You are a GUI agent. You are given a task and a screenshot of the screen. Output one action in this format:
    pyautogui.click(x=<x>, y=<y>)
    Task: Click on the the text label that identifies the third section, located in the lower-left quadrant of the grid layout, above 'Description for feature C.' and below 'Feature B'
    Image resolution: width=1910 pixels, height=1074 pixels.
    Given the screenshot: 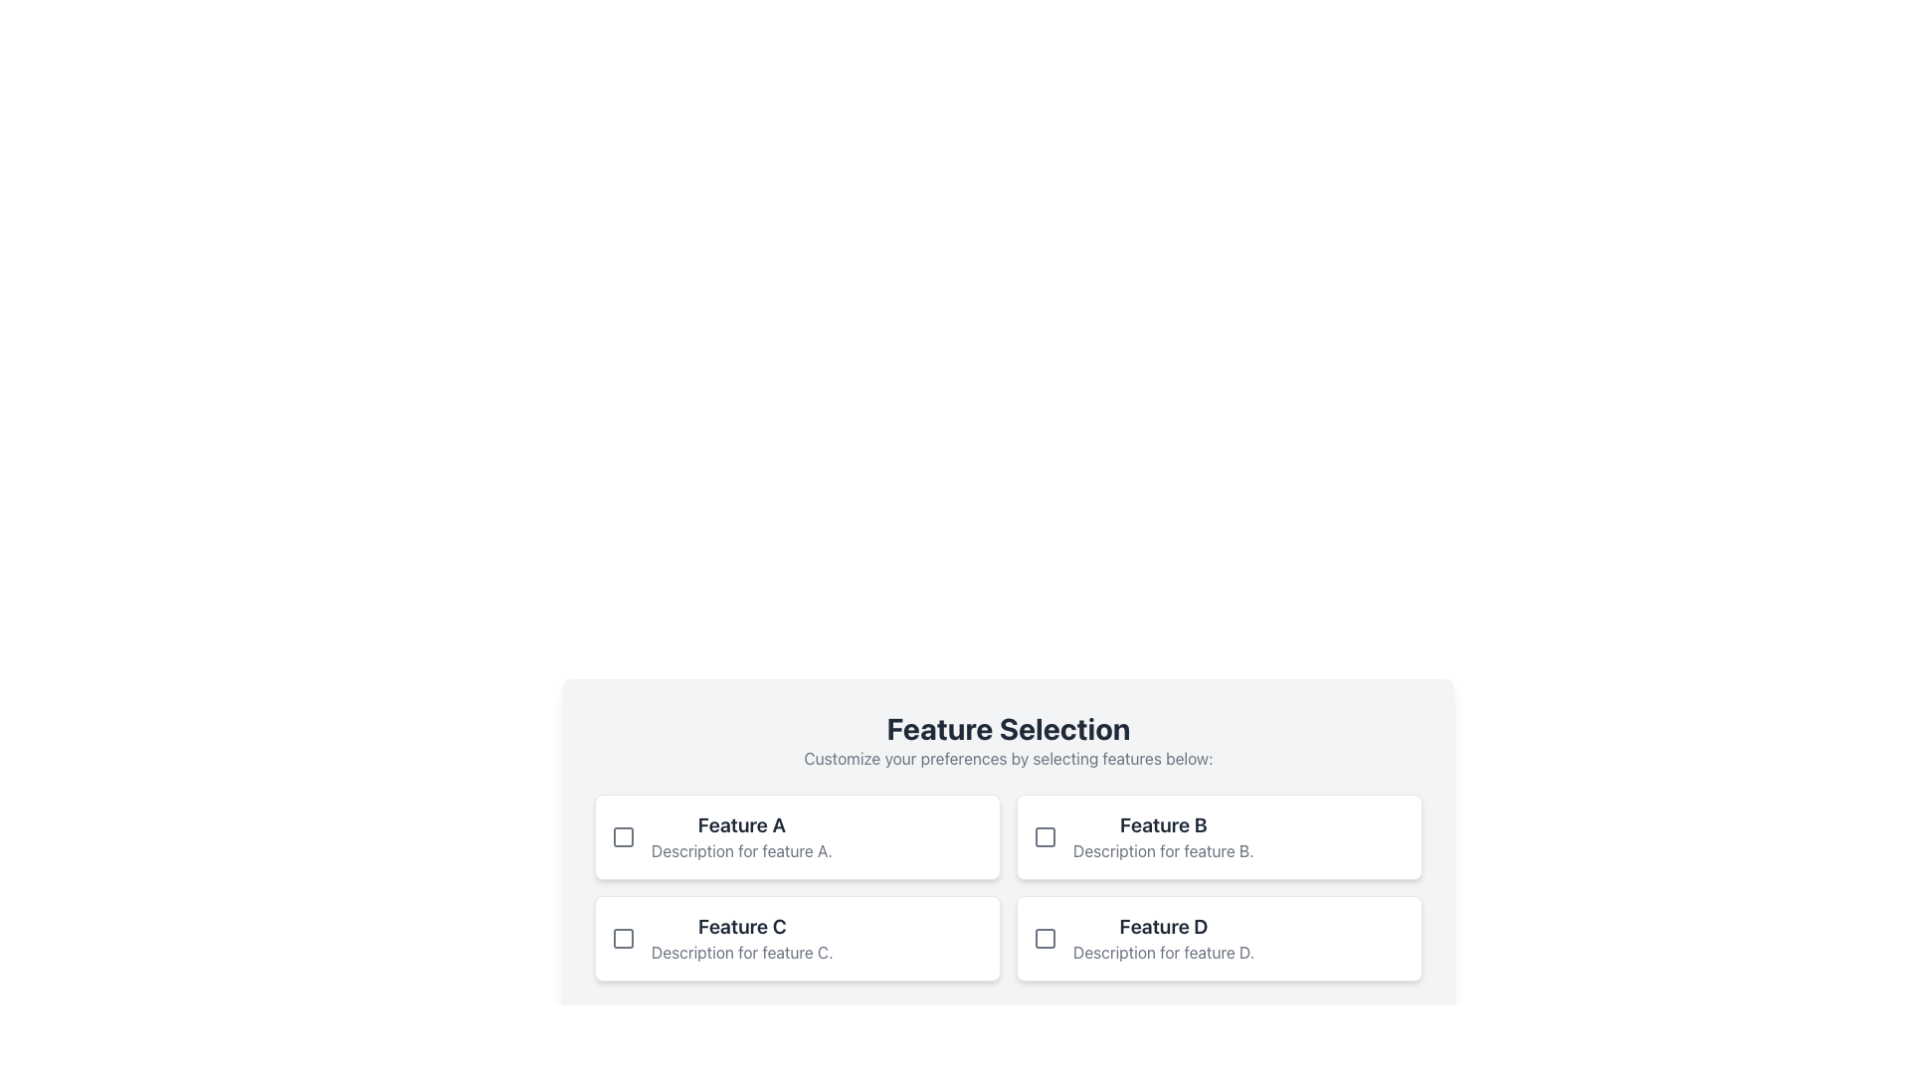 What is the action you would take?
    pyautogui.click(x=741, y=927)
    